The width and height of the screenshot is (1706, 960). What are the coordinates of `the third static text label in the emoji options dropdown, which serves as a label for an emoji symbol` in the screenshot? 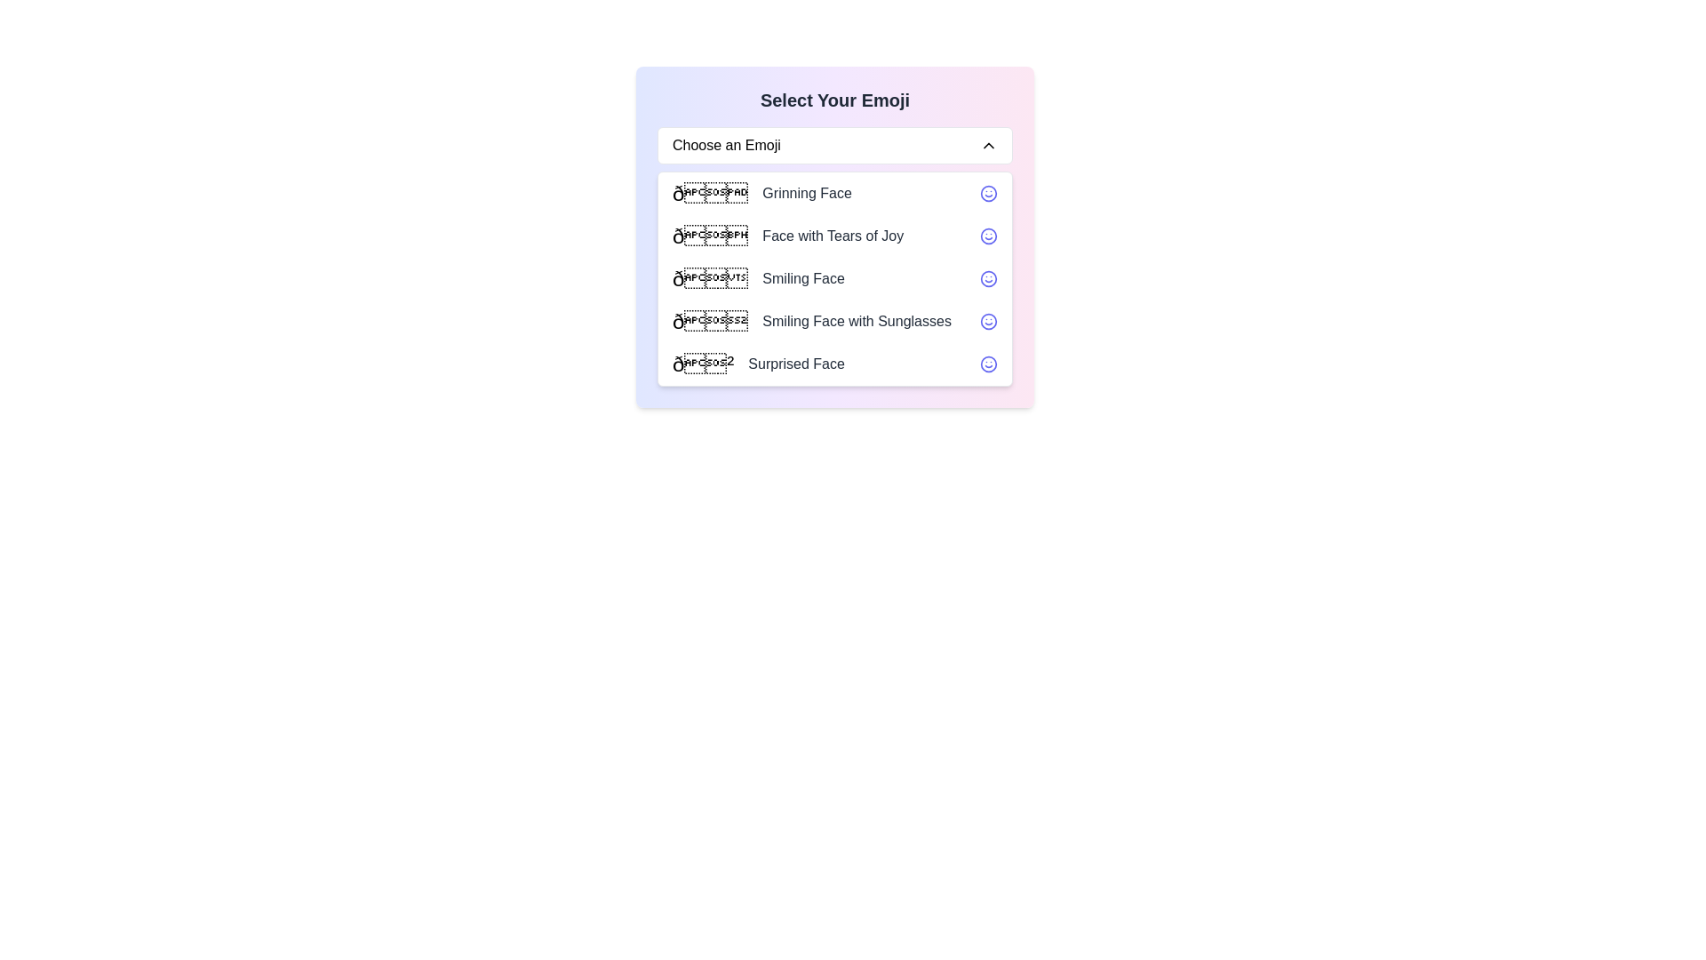 It's located at (802, 278).